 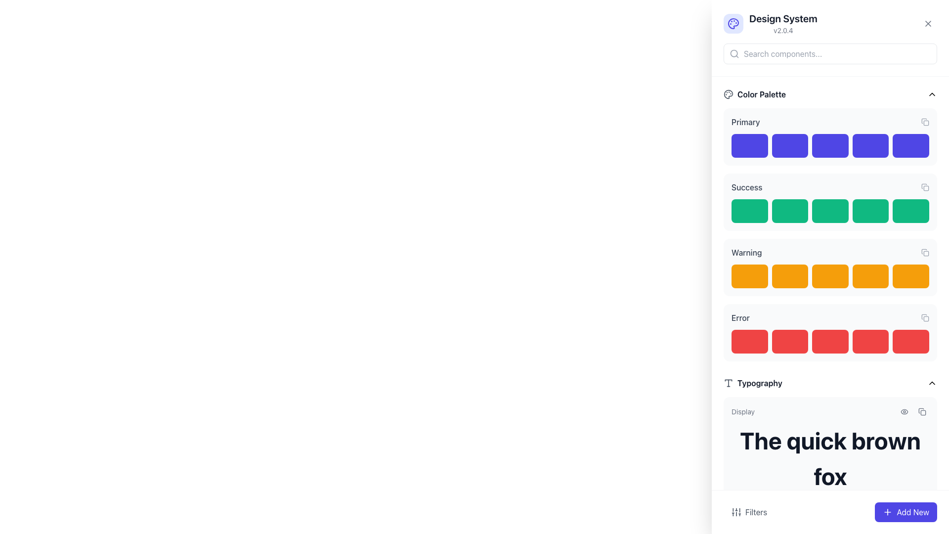 What do you see at coordinates (925, 318) in the screenshot?
I see `the copy icon located at the right end of the horizontal row of red boxes in the 'Error' section to copy the associated information` at bounding box center [925, 318].